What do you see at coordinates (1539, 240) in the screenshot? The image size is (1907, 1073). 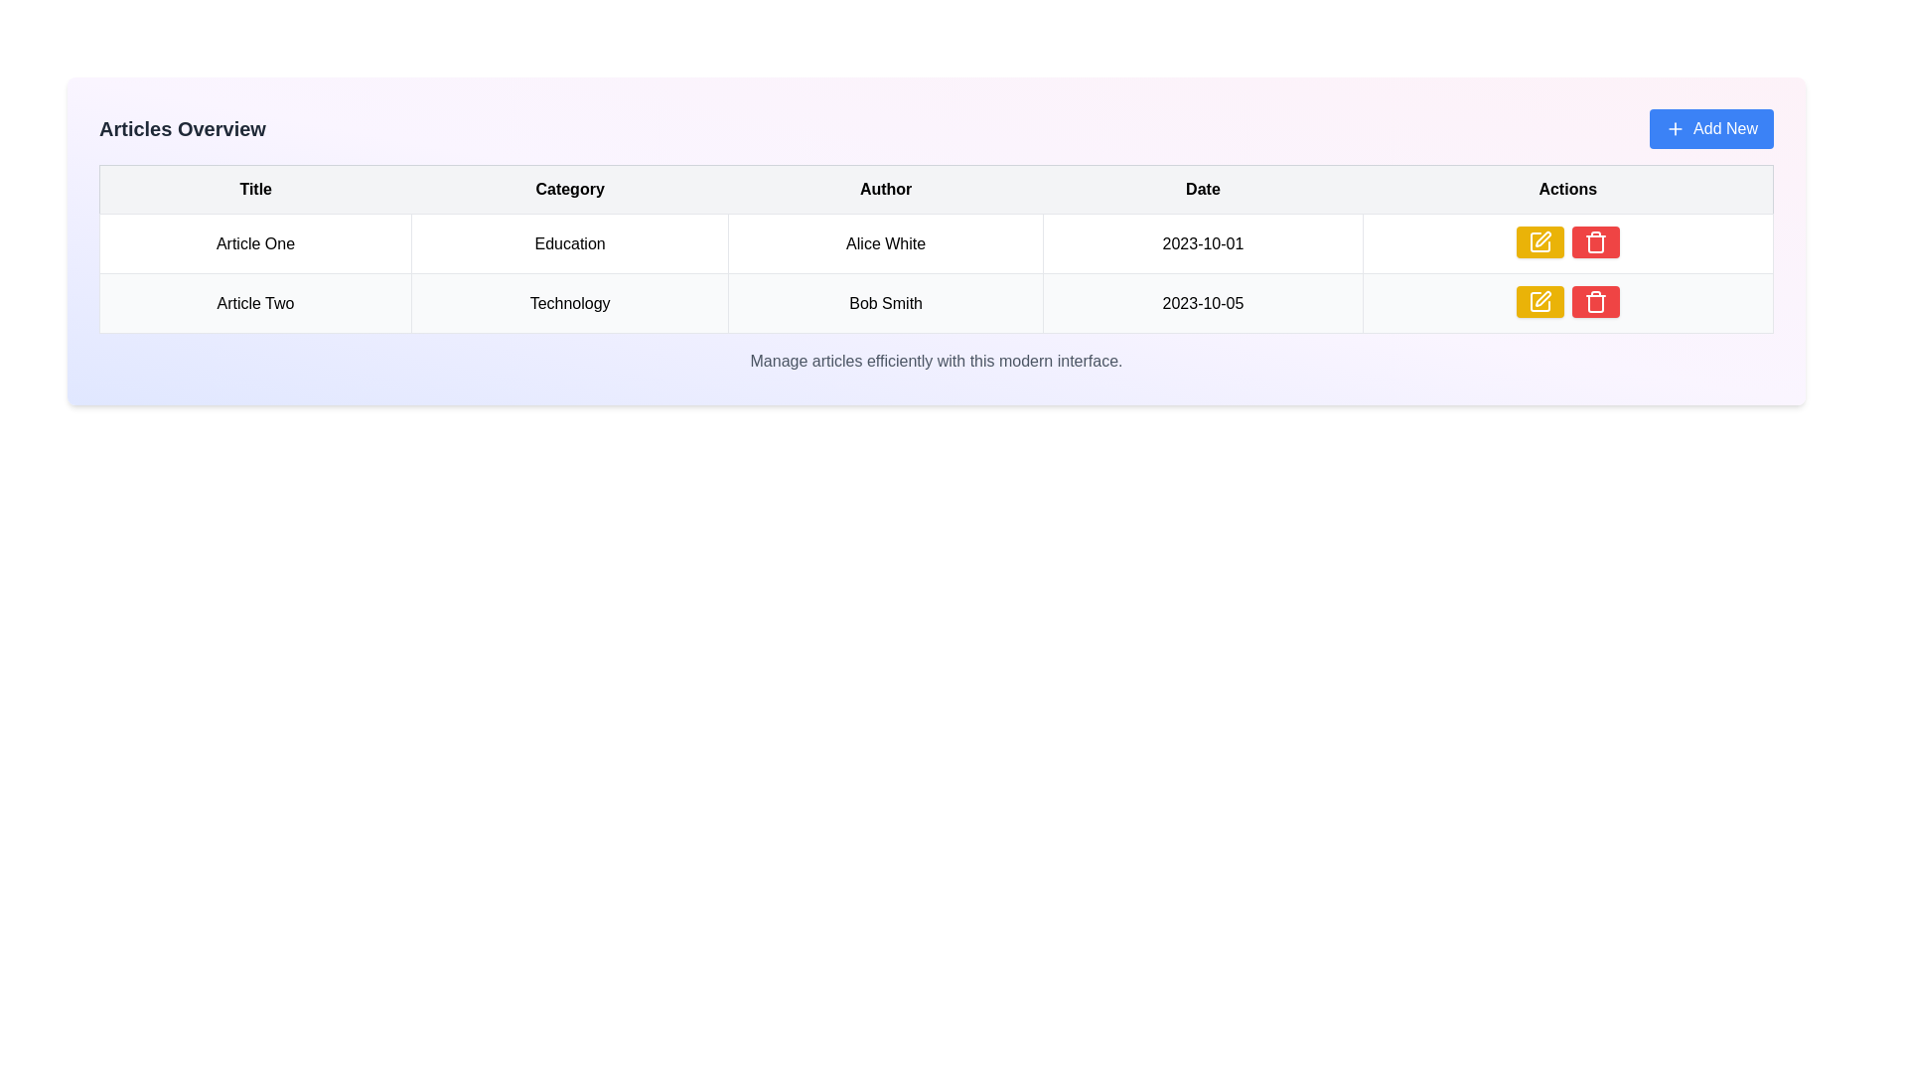 I see `the 'Edit' icon button located in the 'Actions' column of the first row of the table` at bounding box center [1539, 240].